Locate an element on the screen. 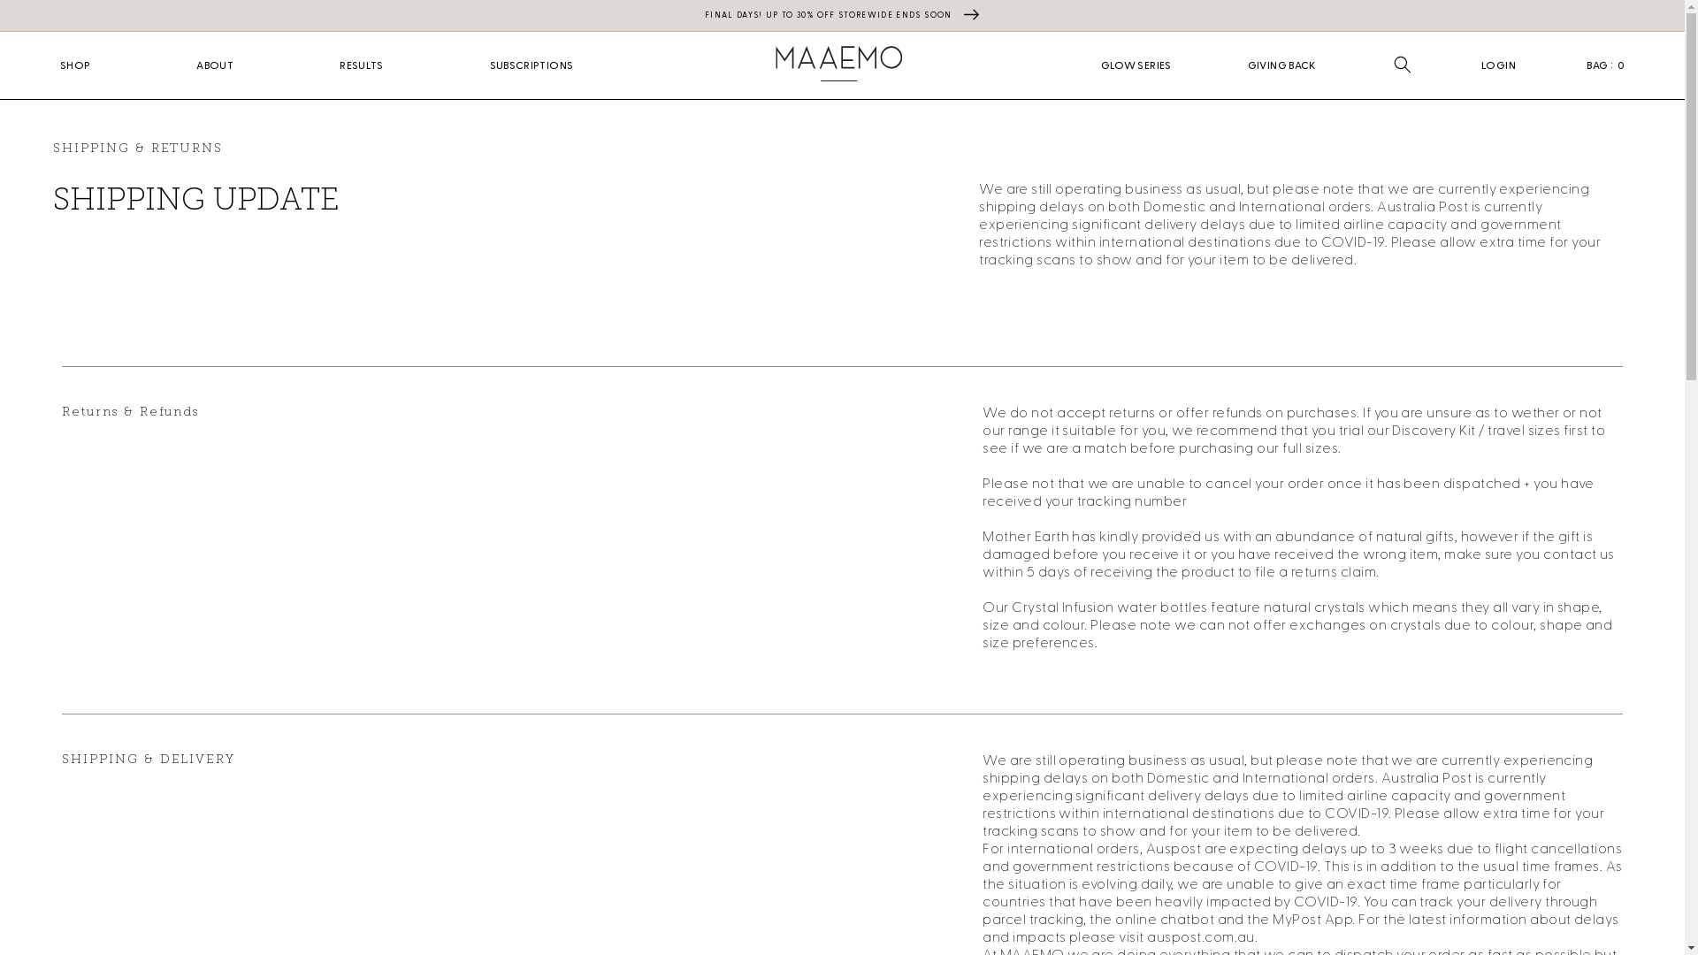  'FINAL DAYS! UP TO 30% OFF STOREWIDE ENDS SOON' is located at coordinates (841, 15).